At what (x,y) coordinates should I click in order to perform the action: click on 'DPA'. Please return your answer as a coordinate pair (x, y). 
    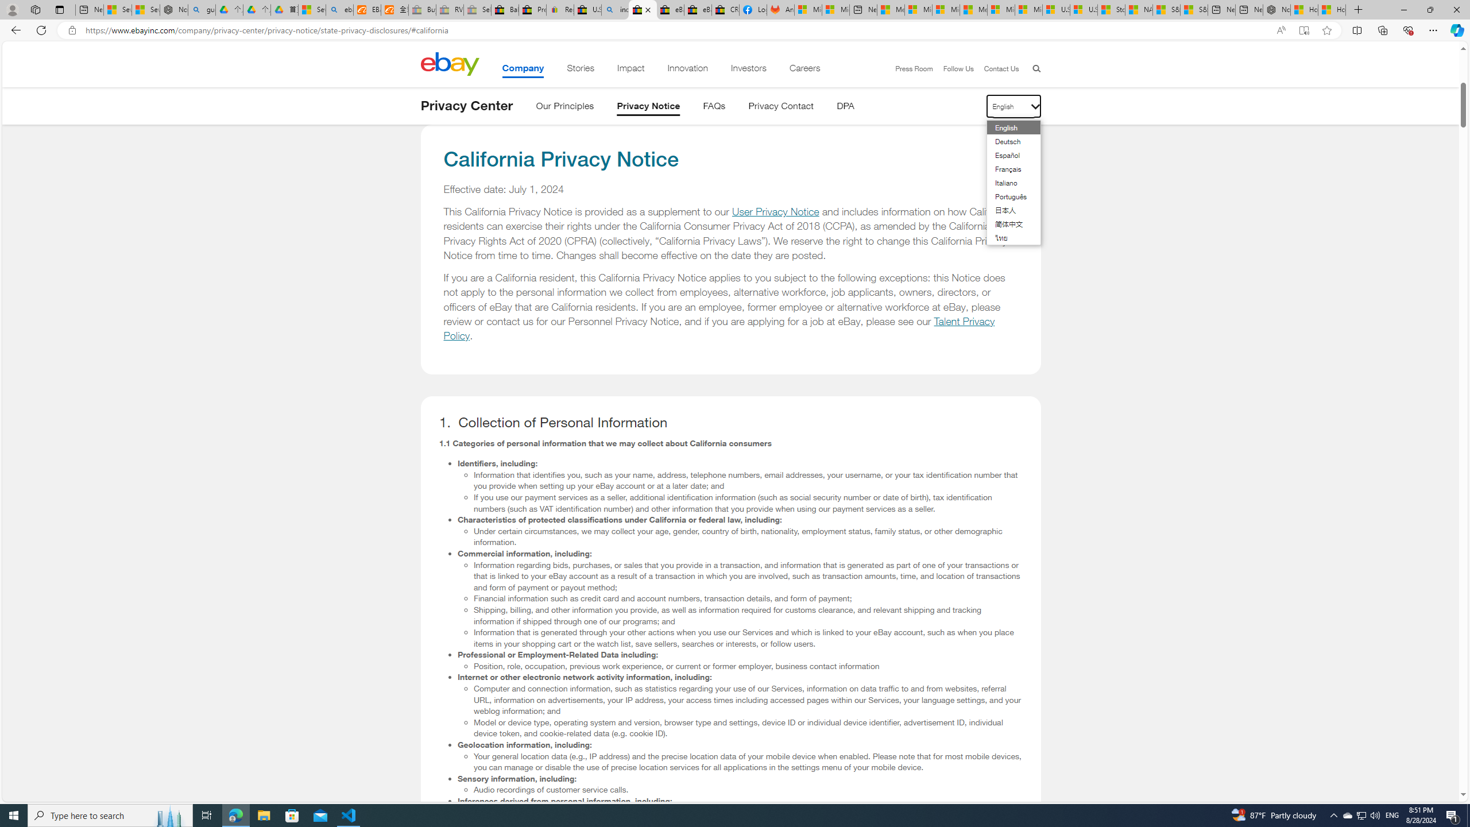
    Looking at the image, I should click on (845, 107).